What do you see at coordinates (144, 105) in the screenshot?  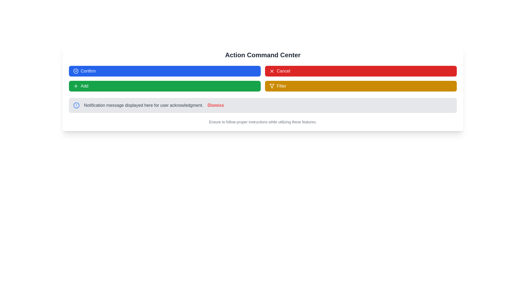 I see `the static text element displaying 'Notification message displayed here for user acknowledgment.' which is located within a gray notification bar` at bounding box center [144, 105].